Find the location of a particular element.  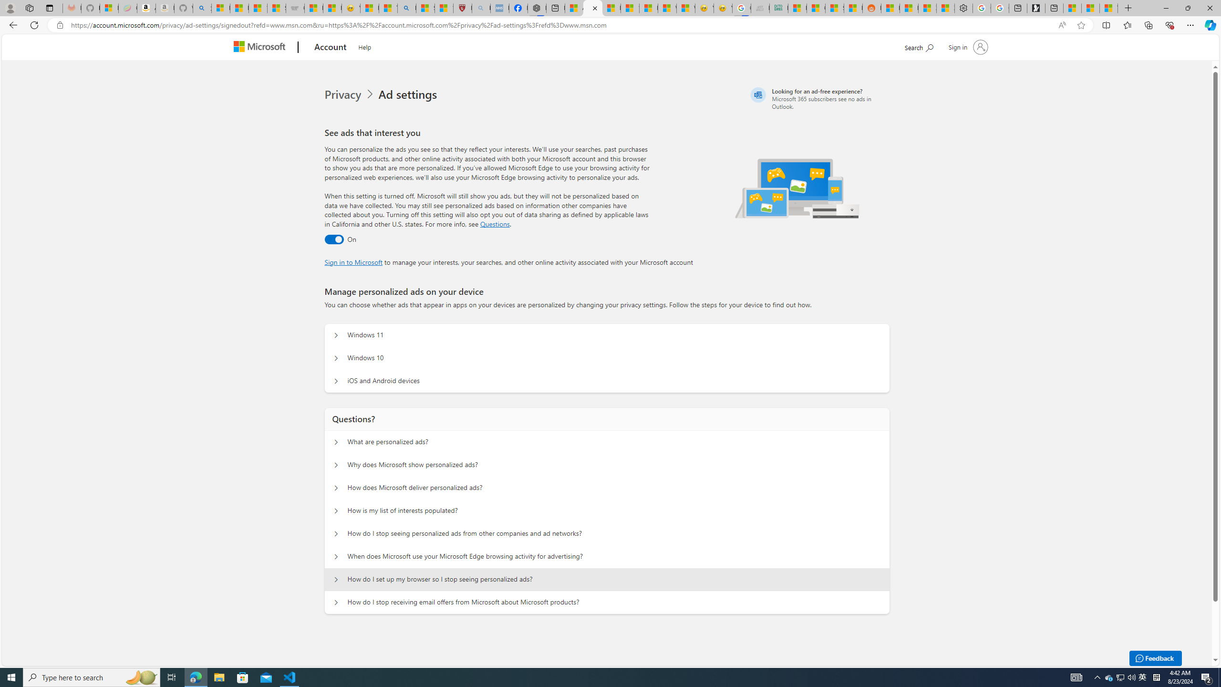

'Questions? What are personalized ads?' is located at coordinates (336, 442).